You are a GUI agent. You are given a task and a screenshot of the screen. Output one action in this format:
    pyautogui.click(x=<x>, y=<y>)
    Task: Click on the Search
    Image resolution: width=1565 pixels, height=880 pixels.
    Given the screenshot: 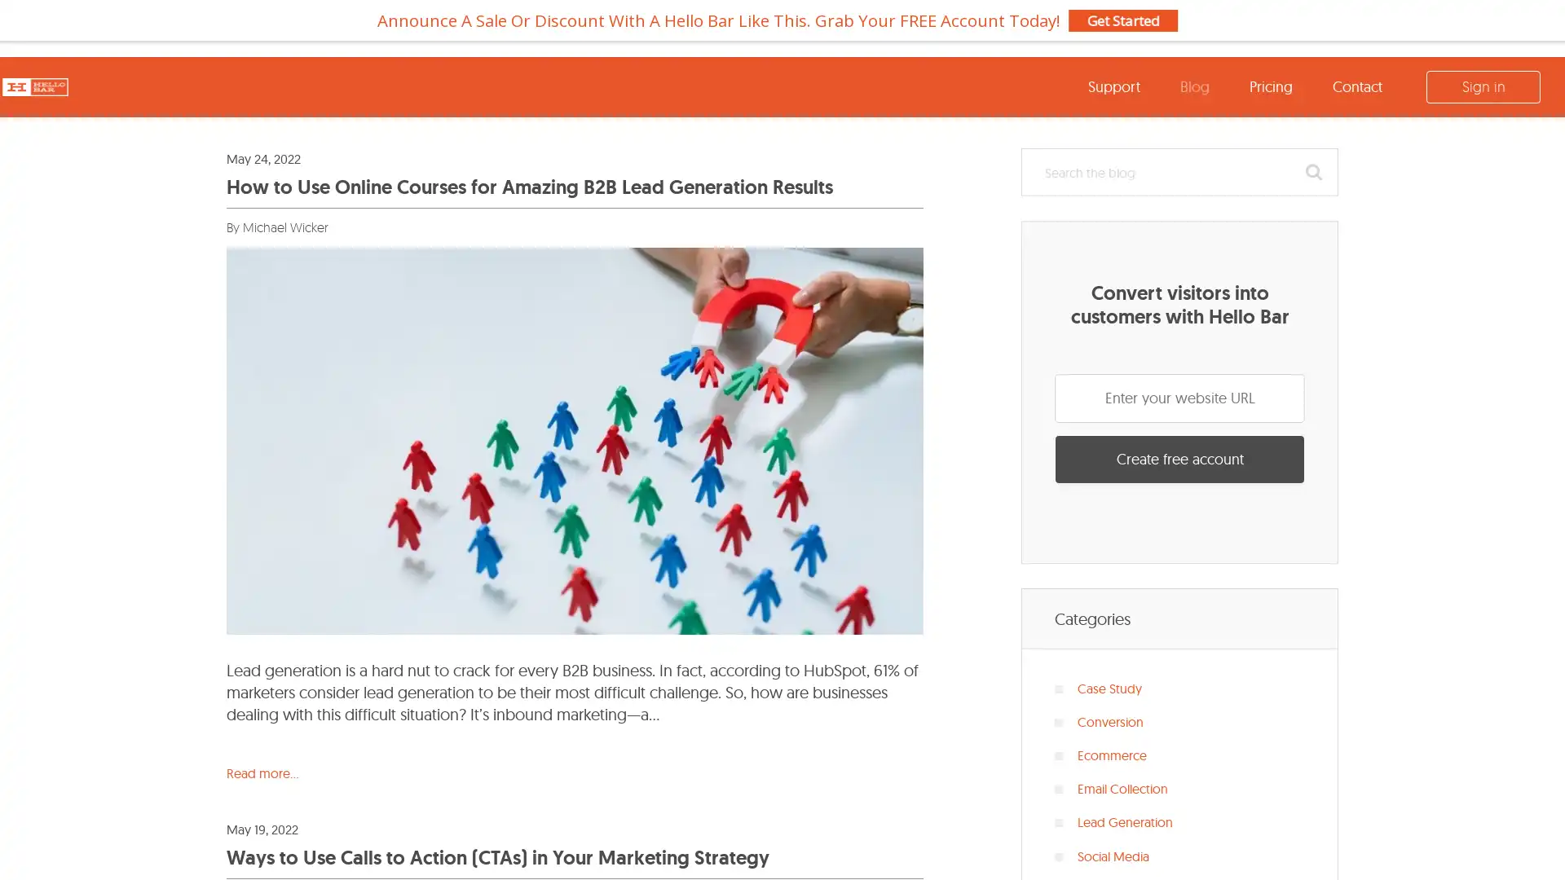 What is the action you would take?
    pyautogui.click(x=1314, y=172)
    